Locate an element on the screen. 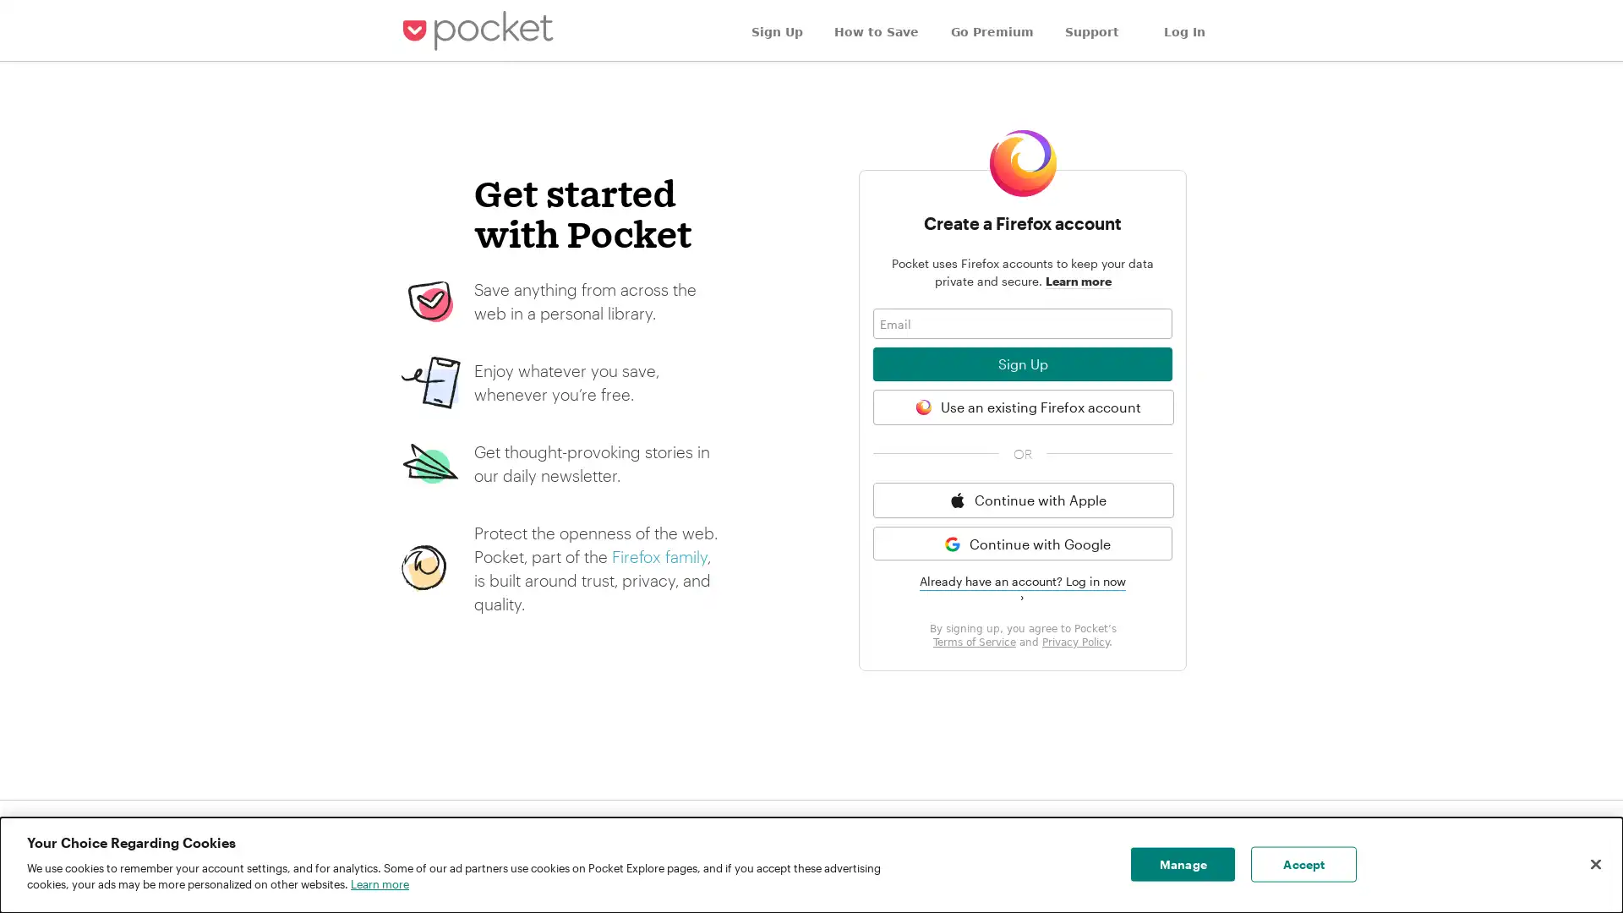 The width and height of the screenshot is (1623, 913). Accept is located at coordinates (1303, 864).